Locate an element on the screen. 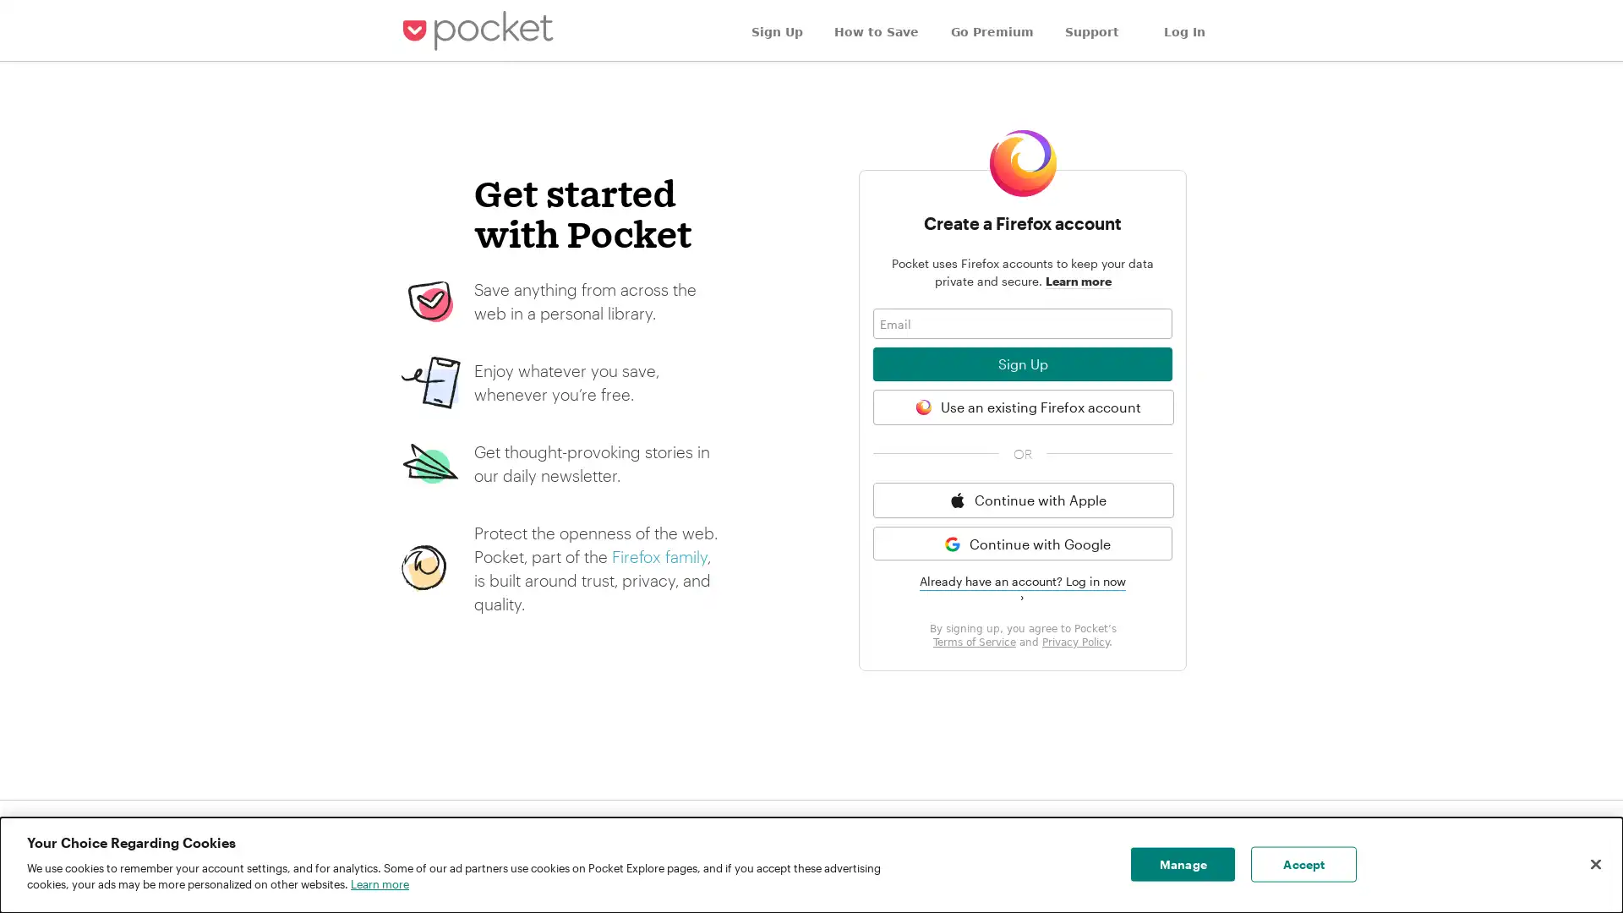 The width and height of the screenshot is (1623, 913). Accept is located at coordinates (1303, 864).